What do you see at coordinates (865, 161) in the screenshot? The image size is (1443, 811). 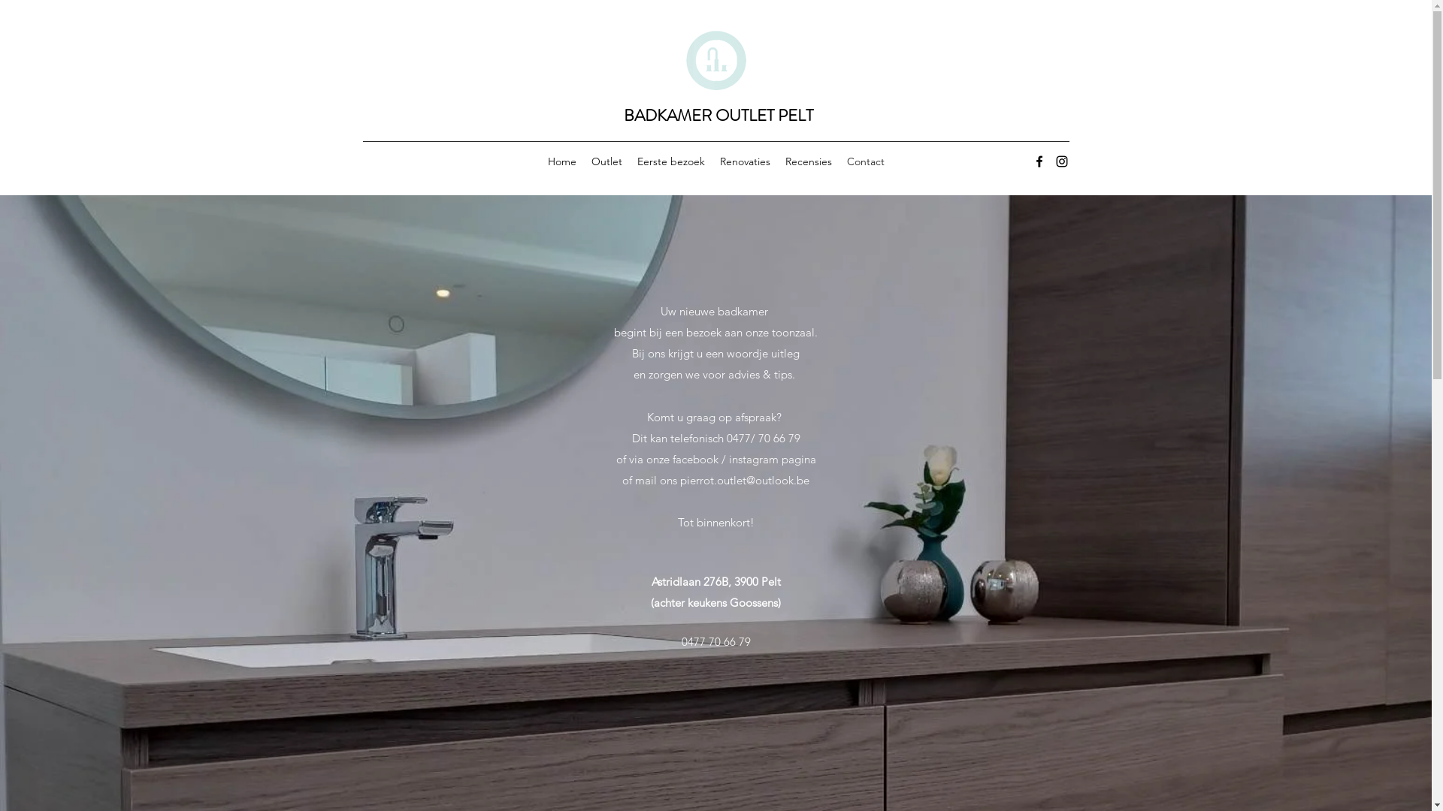 I see `'Contact'` at bounding box center [865, 161].